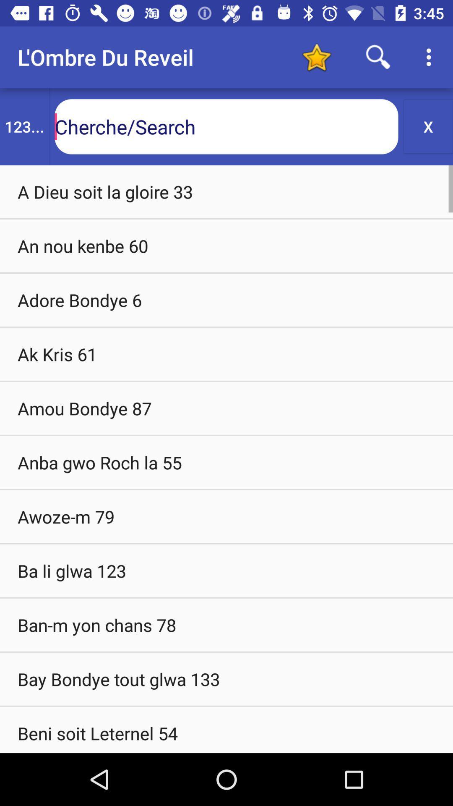  Describe the element at coordinates (226, 408) in the screenshot. I see `icon above the anba gwo roch icon` at that location.